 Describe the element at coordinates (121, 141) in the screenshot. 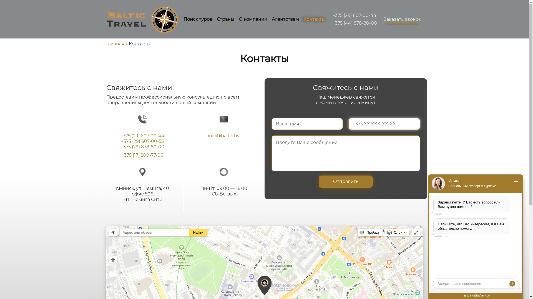

I see `'+375 (29) 607-00-55'` at that location.